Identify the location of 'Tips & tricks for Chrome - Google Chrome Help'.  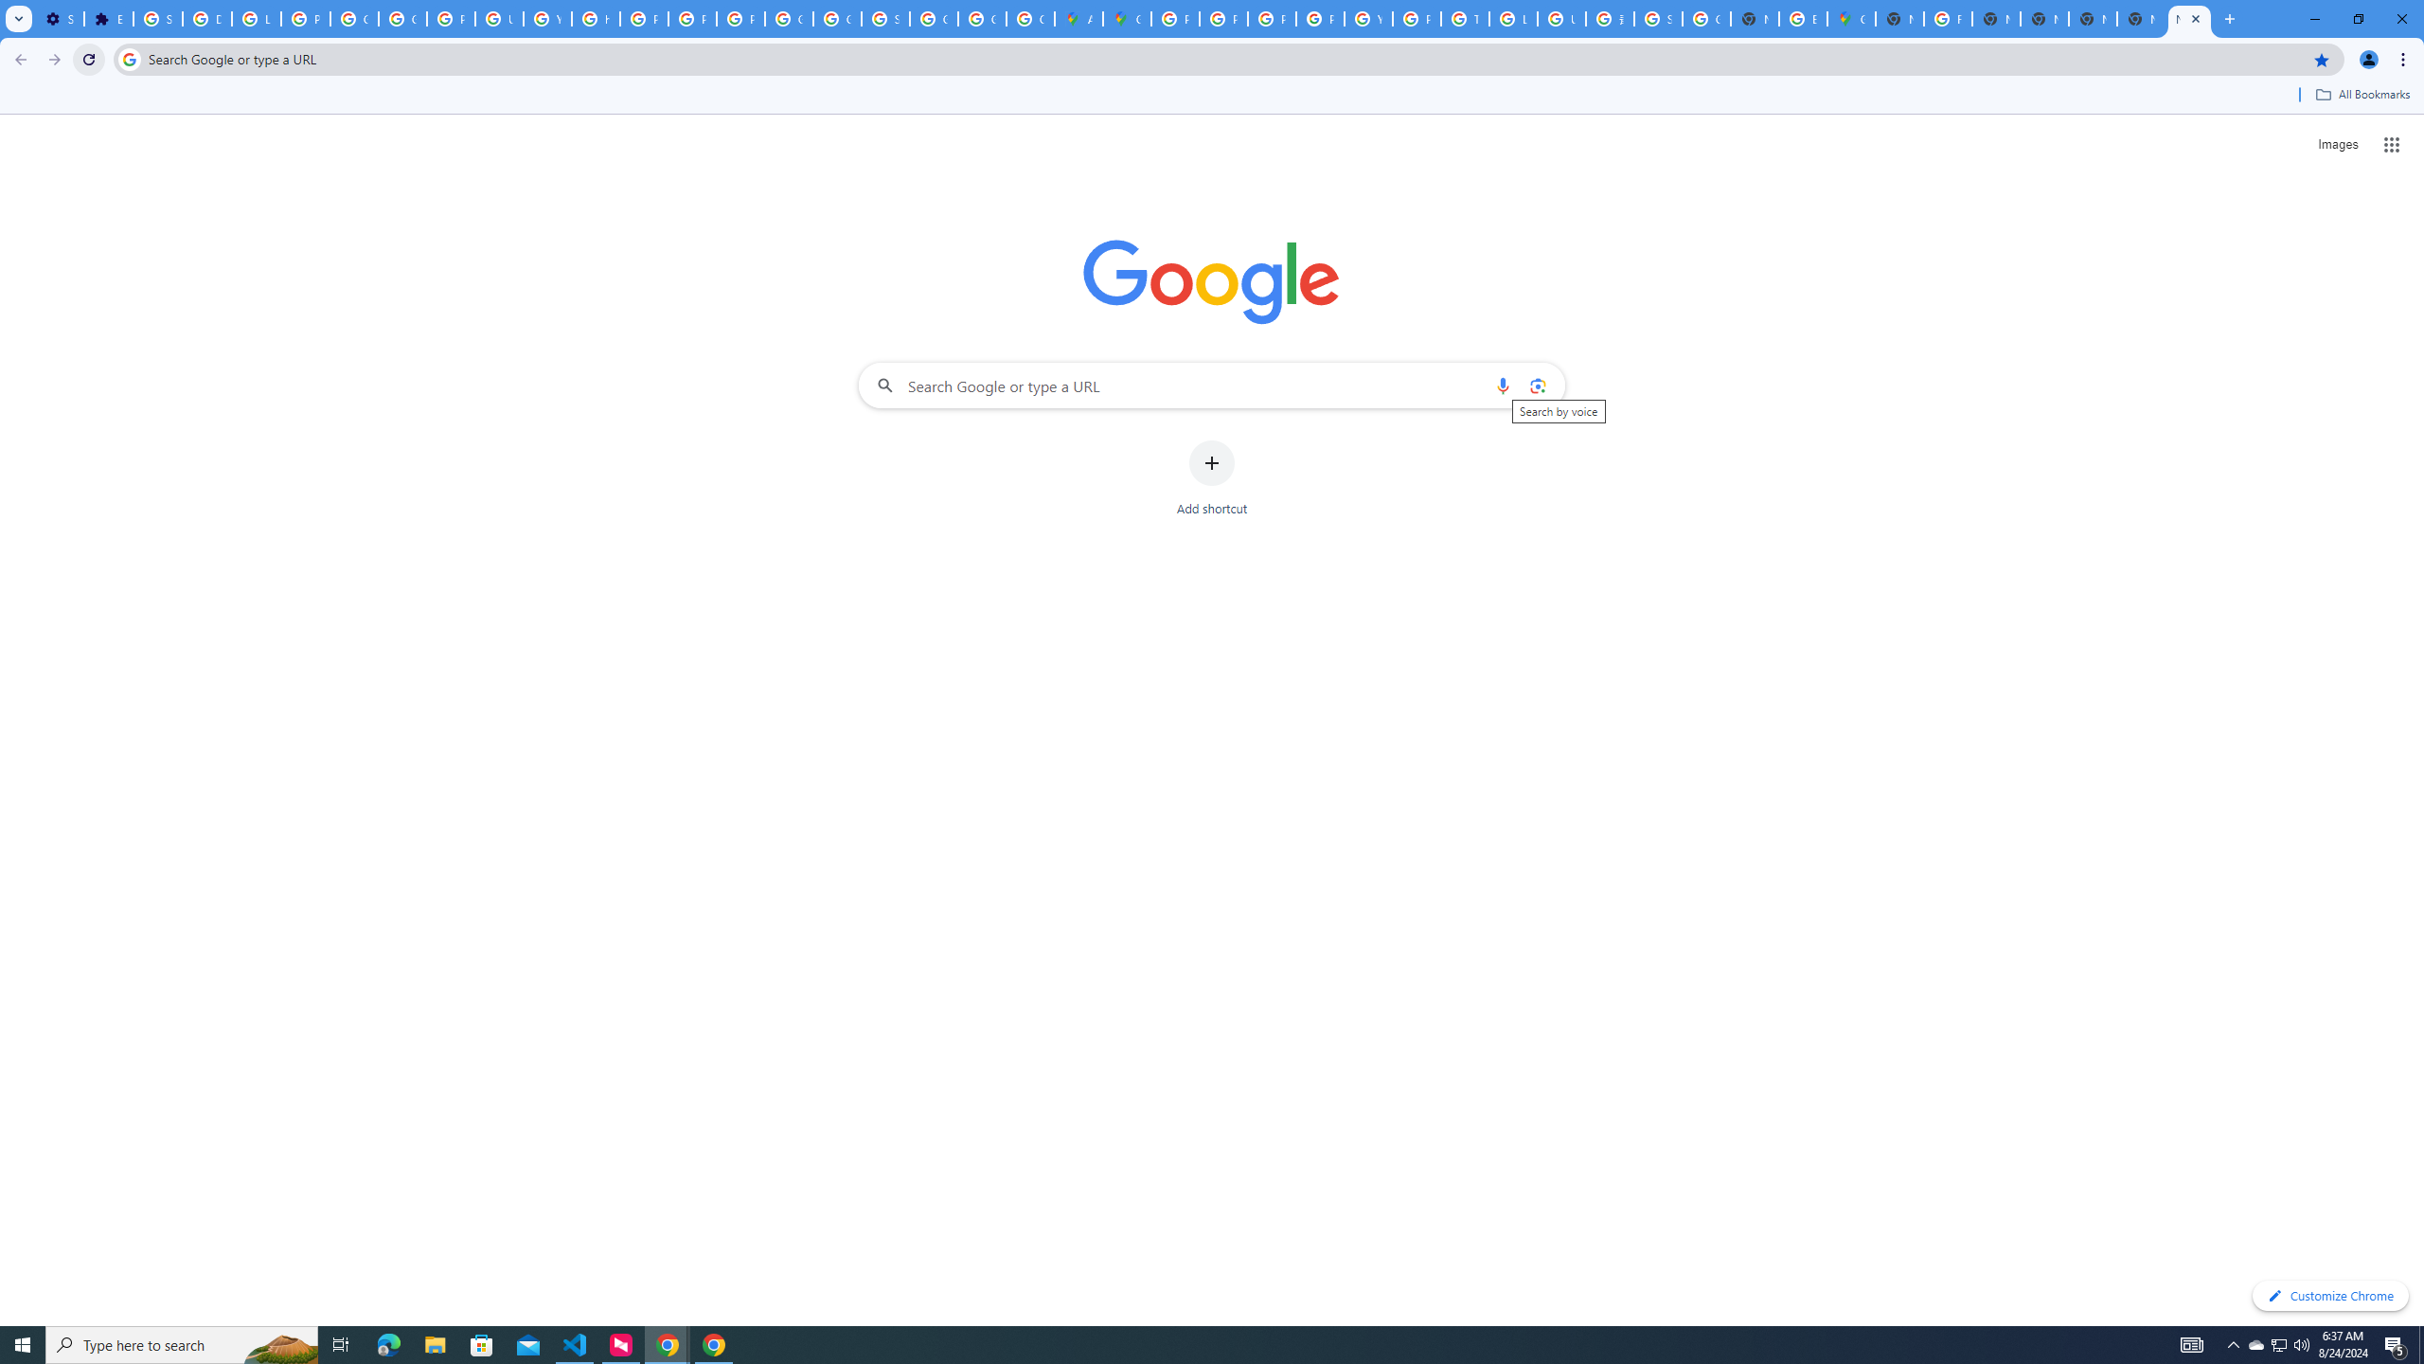
(1464, 18).